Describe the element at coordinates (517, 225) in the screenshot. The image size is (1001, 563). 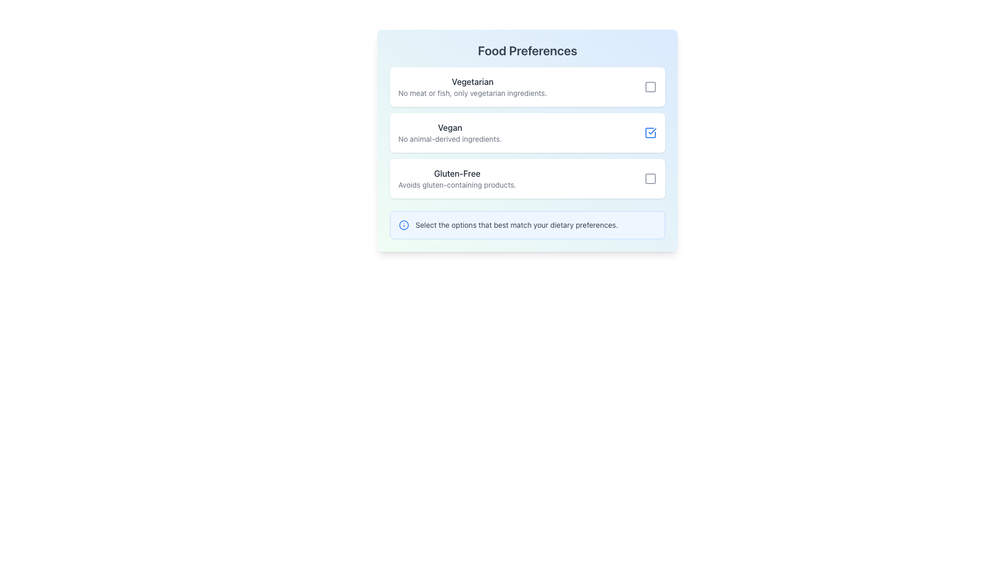
I see `the text label that provides guidance for dietary options located below the selectable options 'Vegetarian,' 'Vegan,' and 'Gluten-Free.'` at that location.